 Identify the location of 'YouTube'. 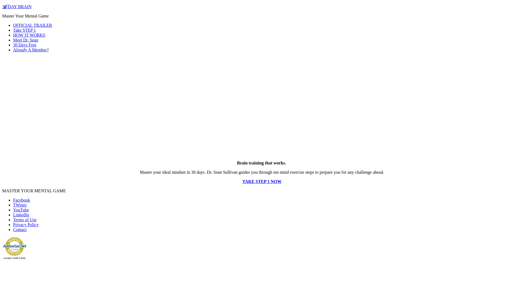
(21, 210).